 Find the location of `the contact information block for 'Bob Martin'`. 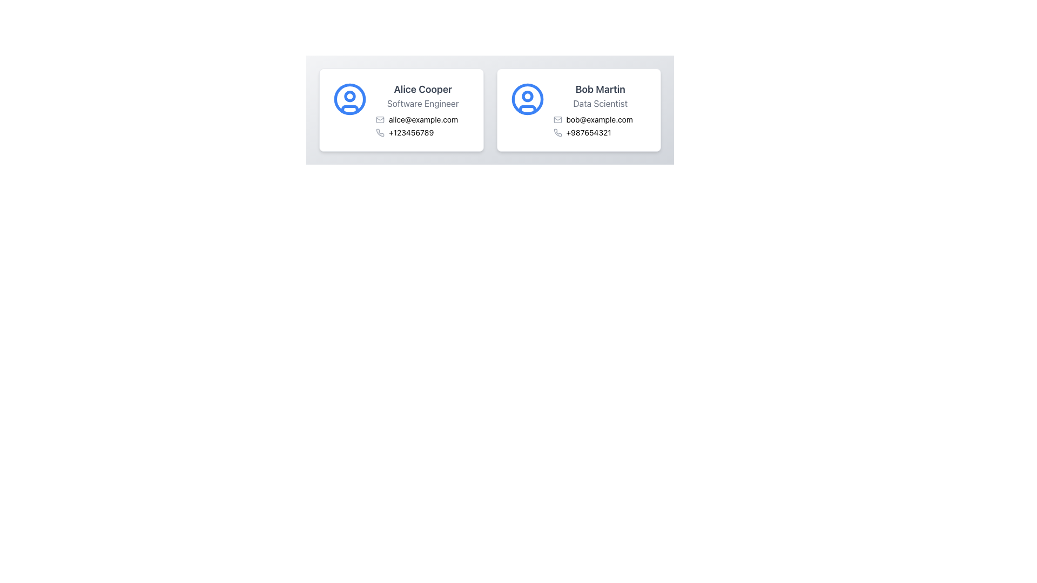

the contact information block for 'Bob Martin' is located at coordinates (600, 110).